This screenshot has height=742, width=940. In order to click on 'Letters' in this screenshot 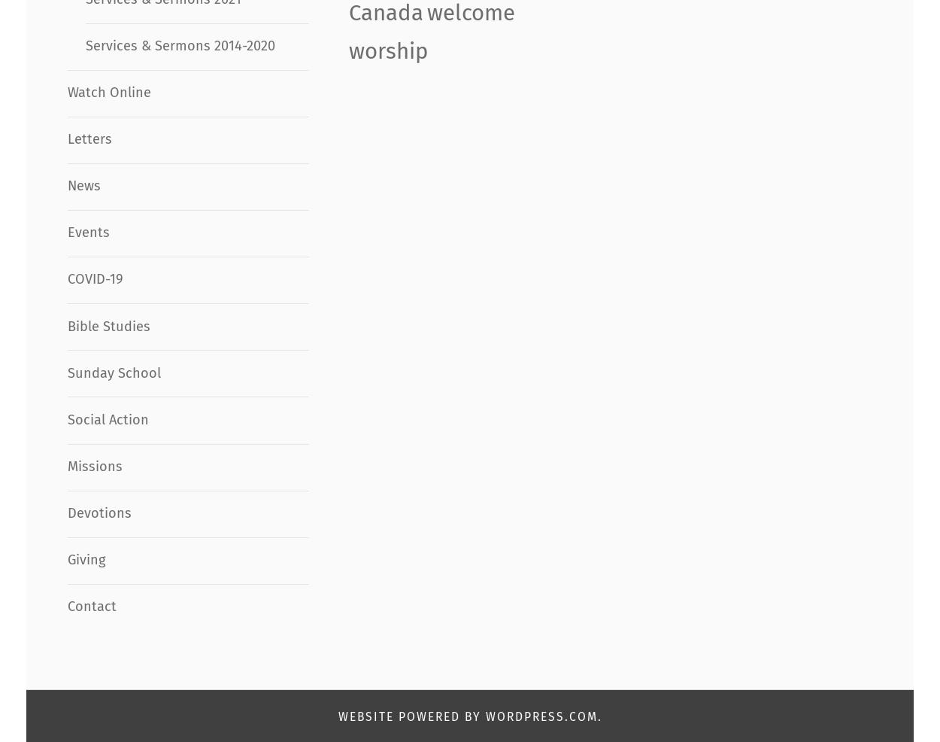, I will do `click(88, 138)`.